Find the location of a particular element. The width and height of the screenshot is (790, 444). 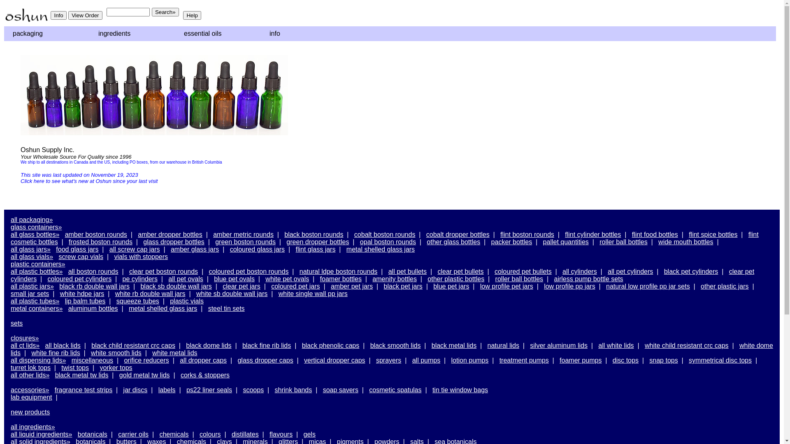

'white smooth lids' is located at coordinates (116, 352).